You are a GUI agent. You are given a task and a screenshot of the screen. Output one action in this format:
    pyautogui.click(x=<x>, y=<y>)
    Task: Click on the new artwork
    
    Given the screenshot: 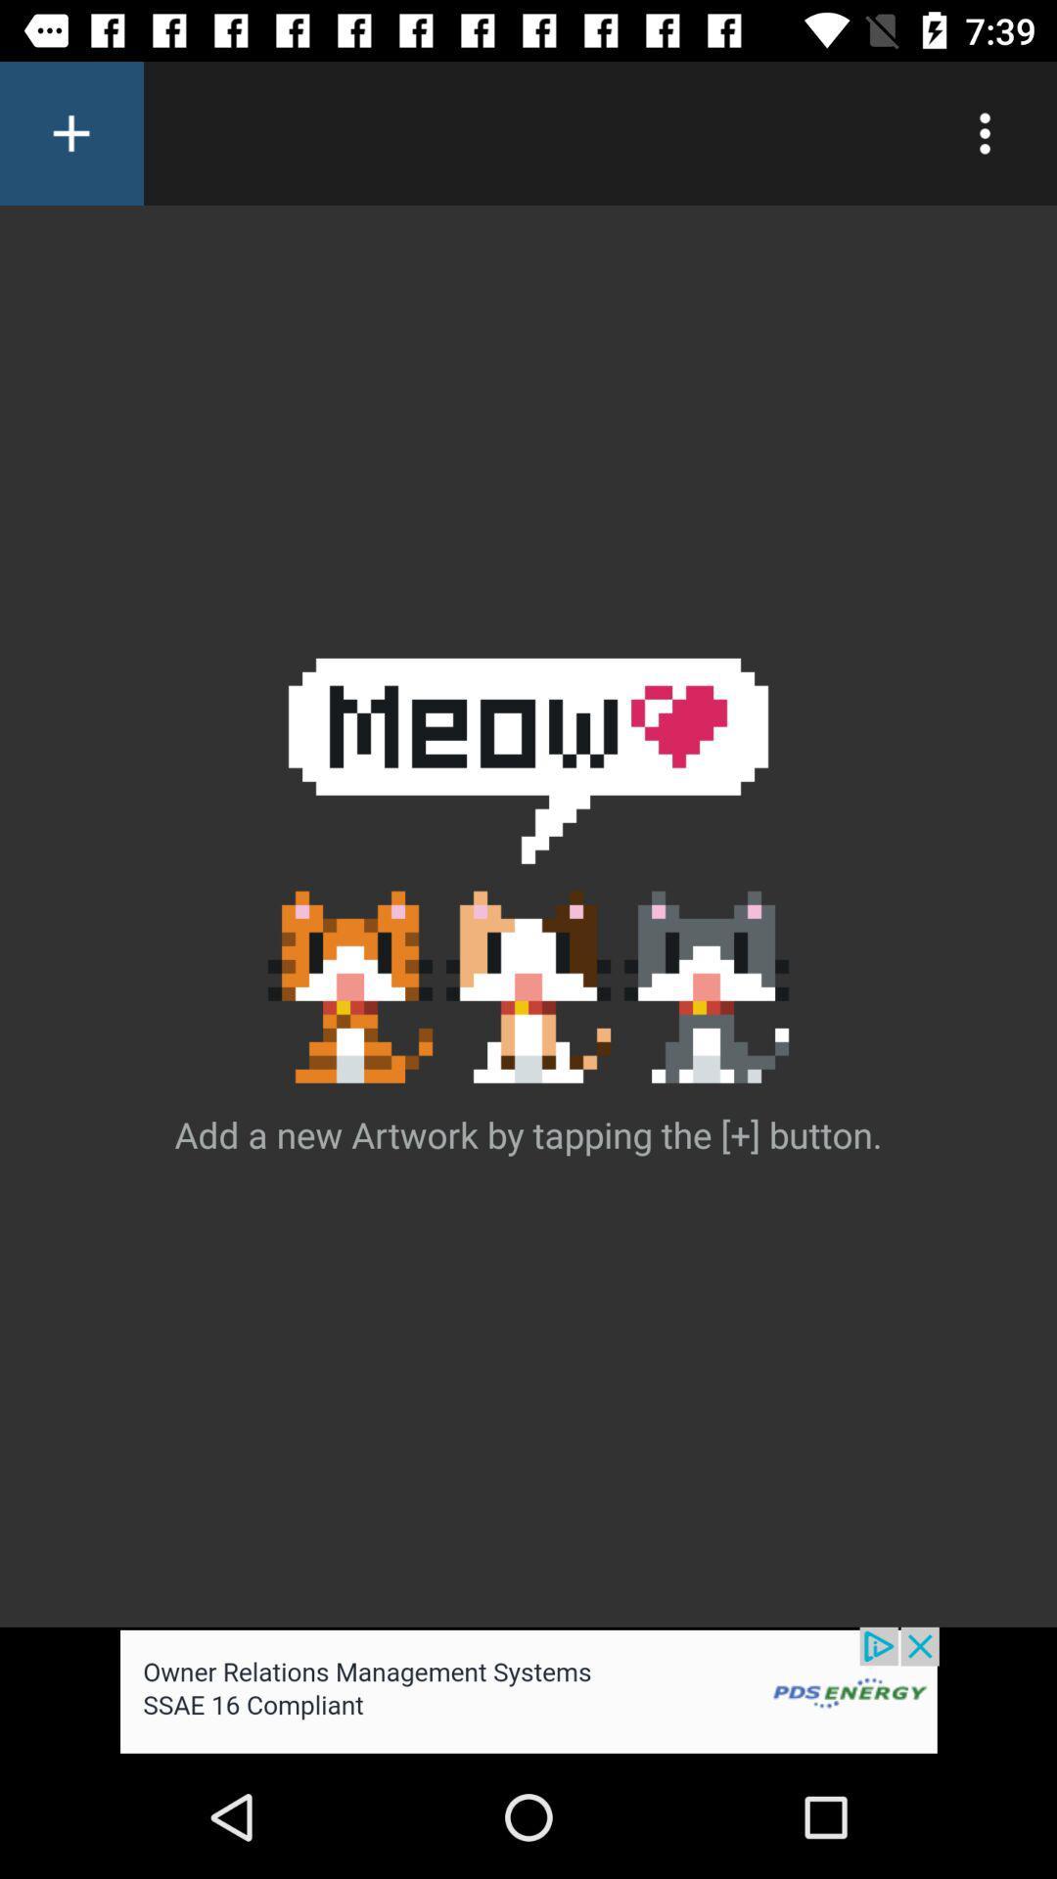 What is the action you would take?
    pyautogui.click(x=70, y=132)
    